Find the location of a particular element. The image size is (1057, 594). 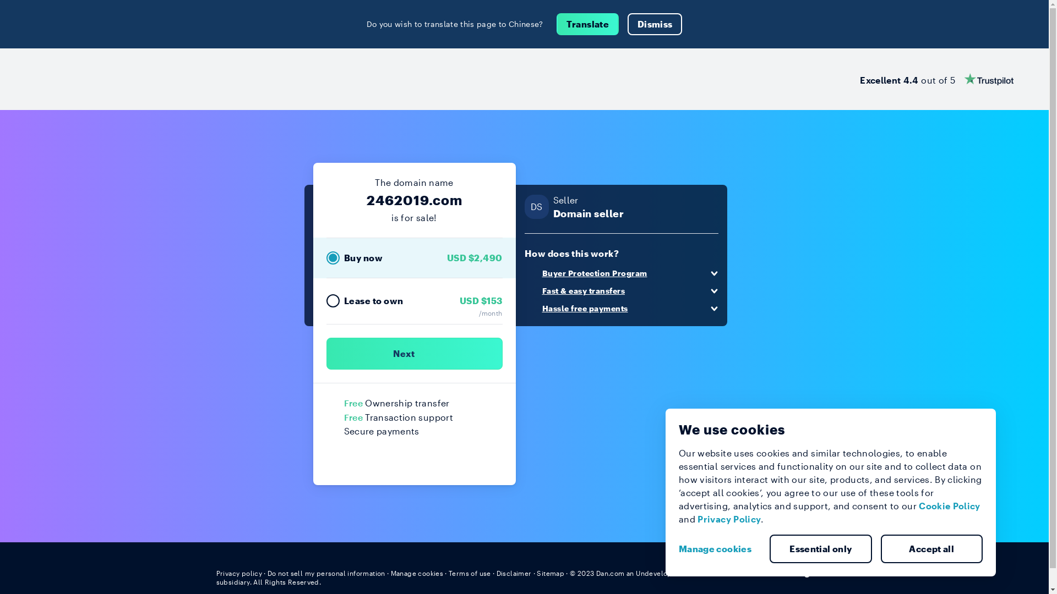

'Privacy Policy' is located at coordinates (729, 519).